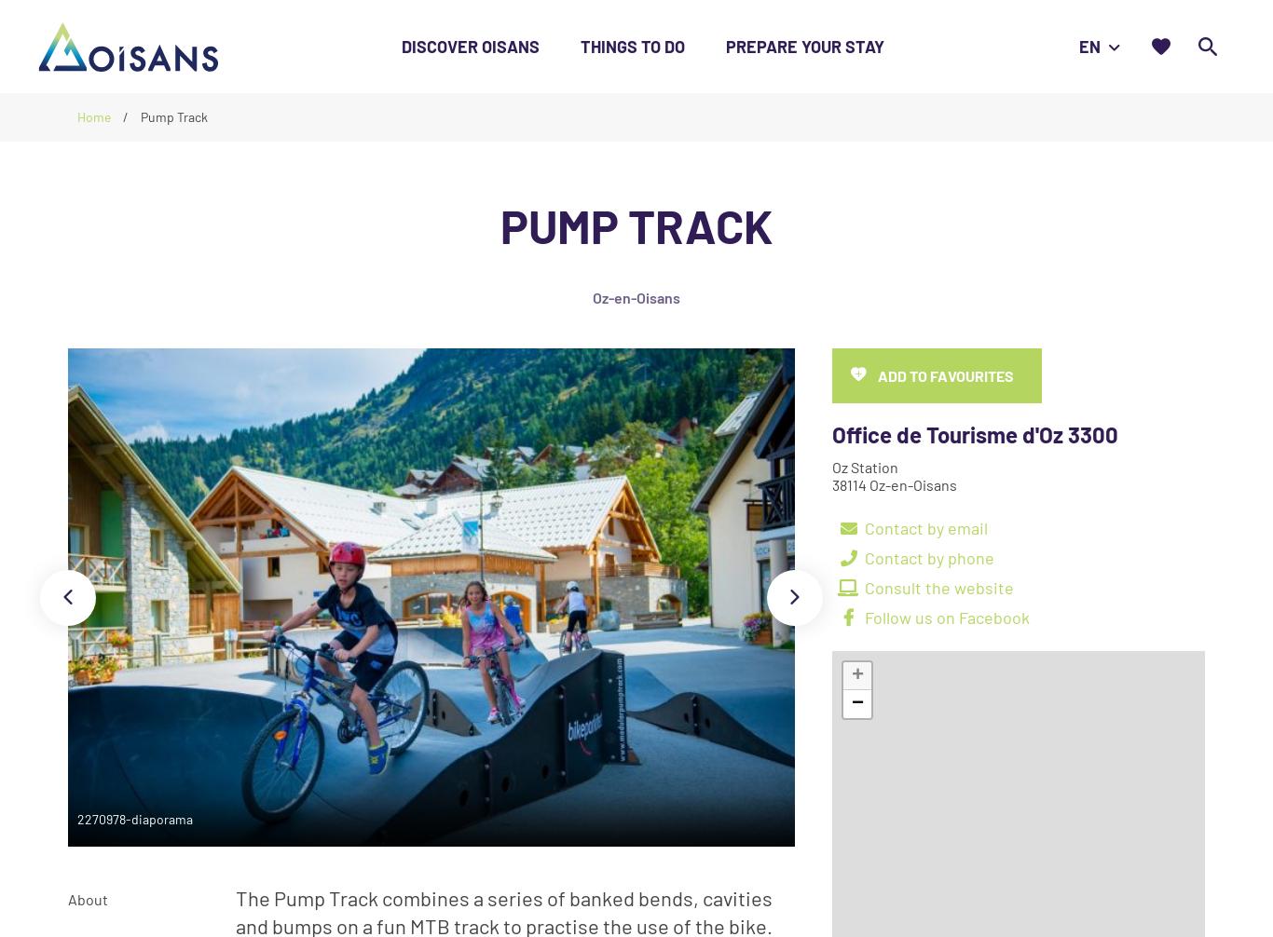 Image resolution: width=1273 pixels, height=937 pixels. What do you see at coordinates (865, 466) in the screenshot?
I see `'Oz Station'` at bounding box center [865, 466].